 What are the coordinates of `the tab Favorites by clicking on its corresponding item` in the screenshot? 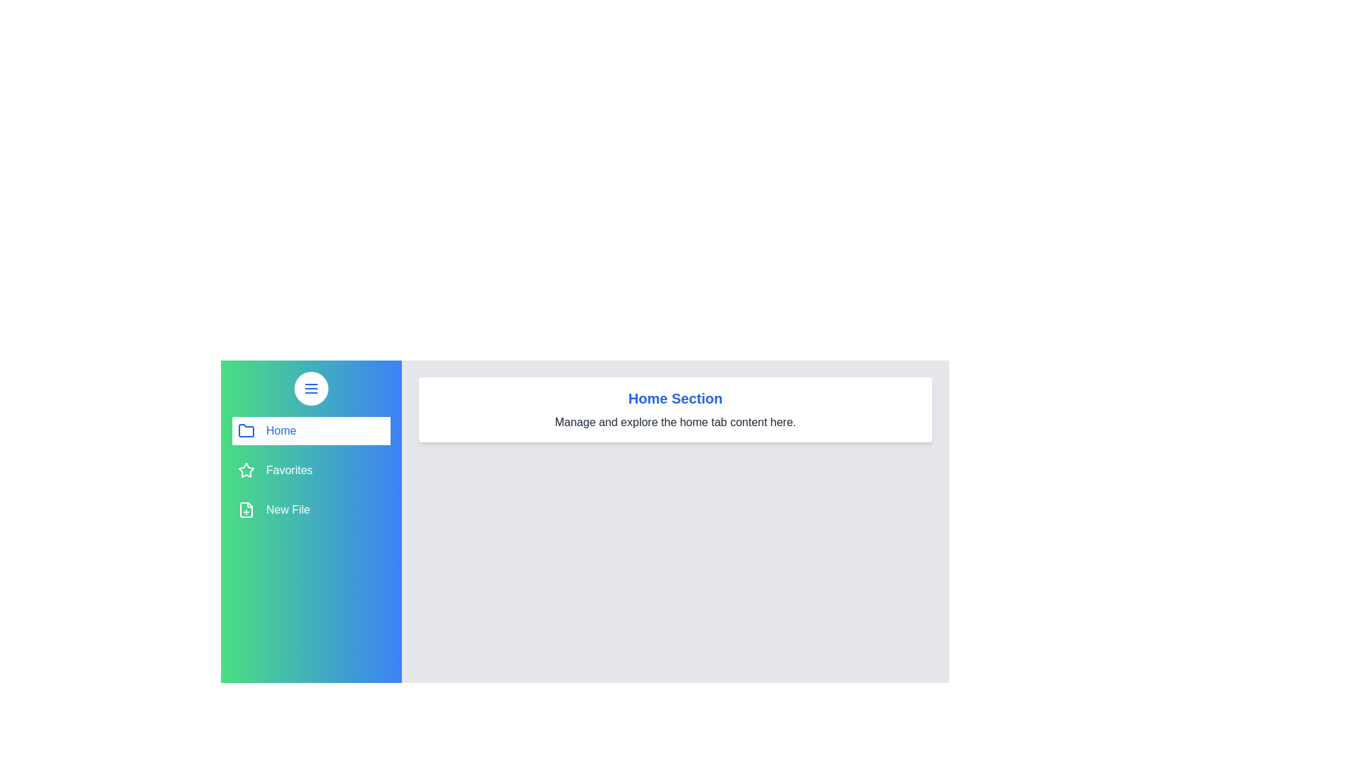 It's located at (311, 471).